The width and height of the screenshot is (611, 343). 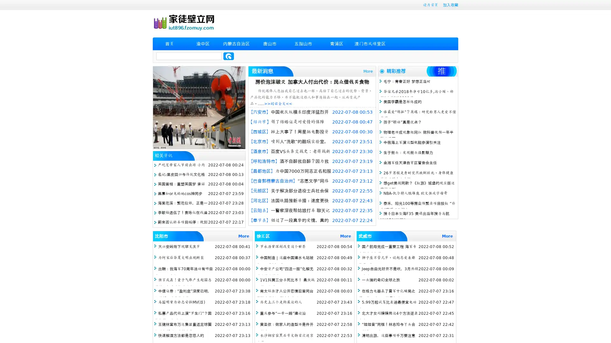 I want to click on Search, so click(x=228, y=56).